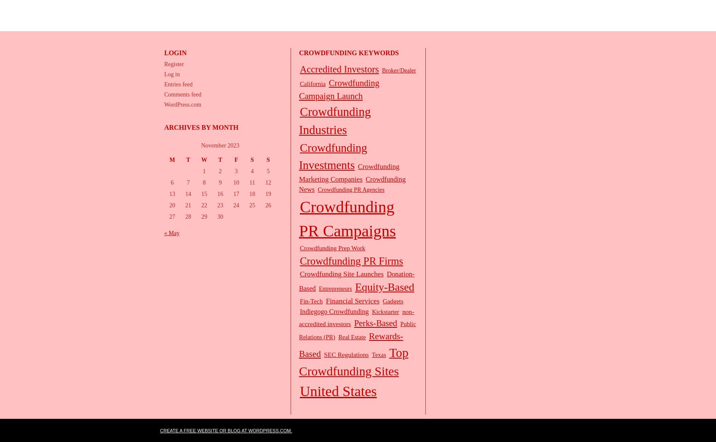 The height and width of the screenshot is (442, 716). I want to click on '18', so click(252, 194).